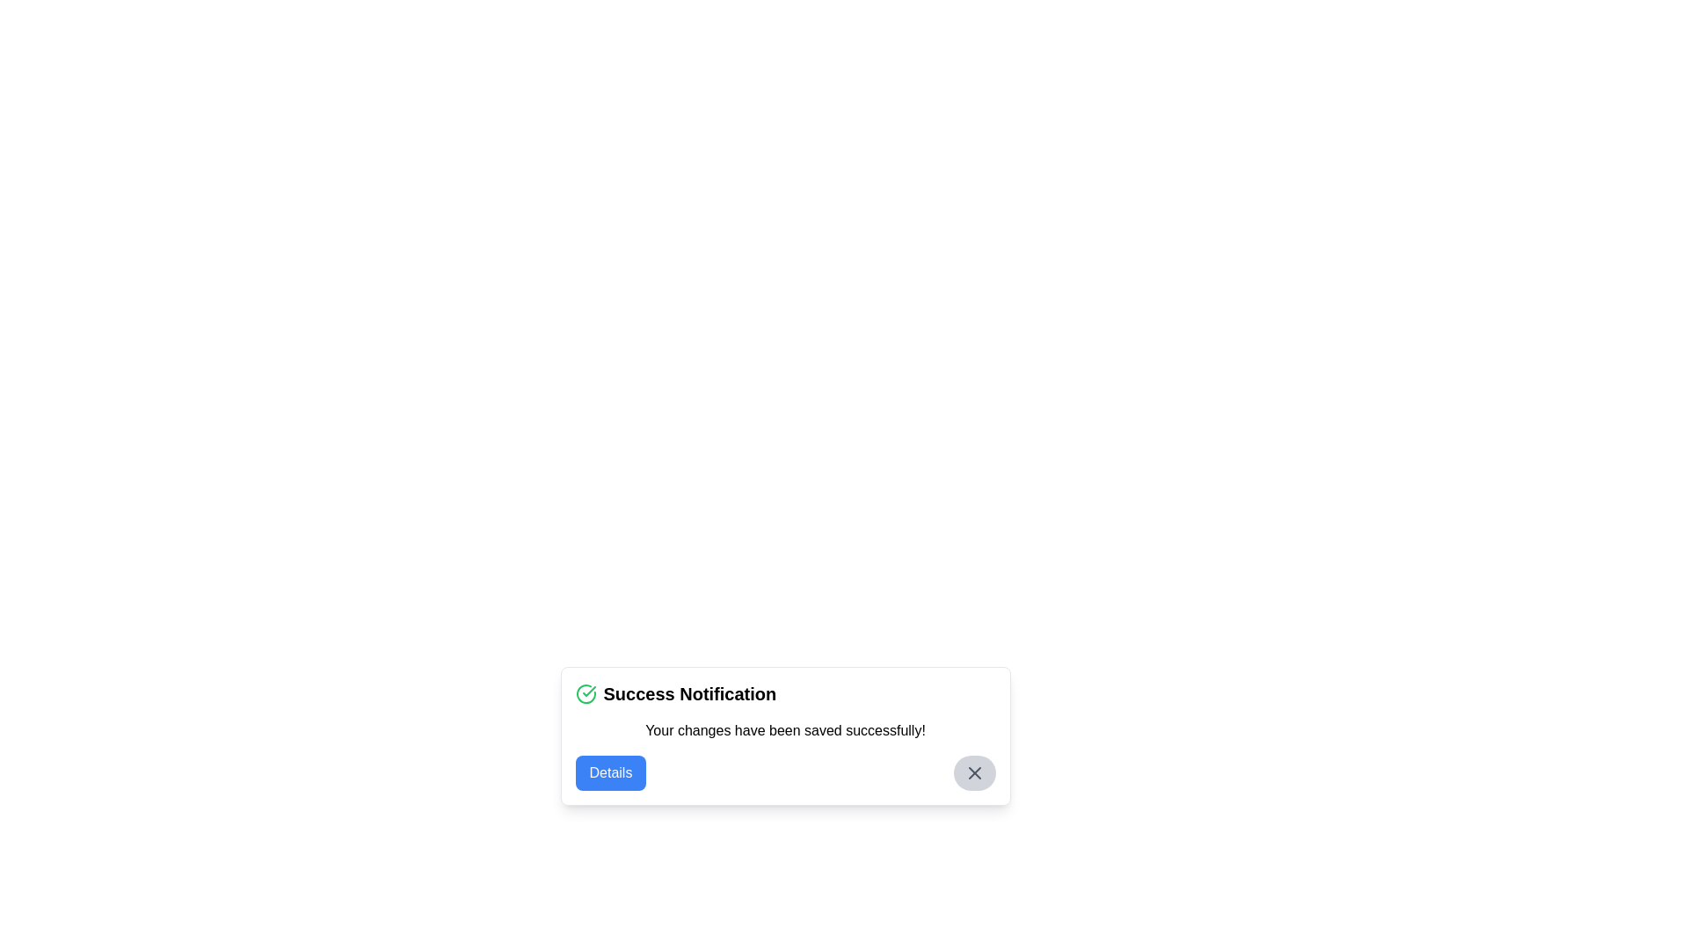 This screenshot has height=949, width=1688. Describe the element at coordinates (611, 772) in the screenshot. I see `the blue 'Details' button with rounded corners` at that location.